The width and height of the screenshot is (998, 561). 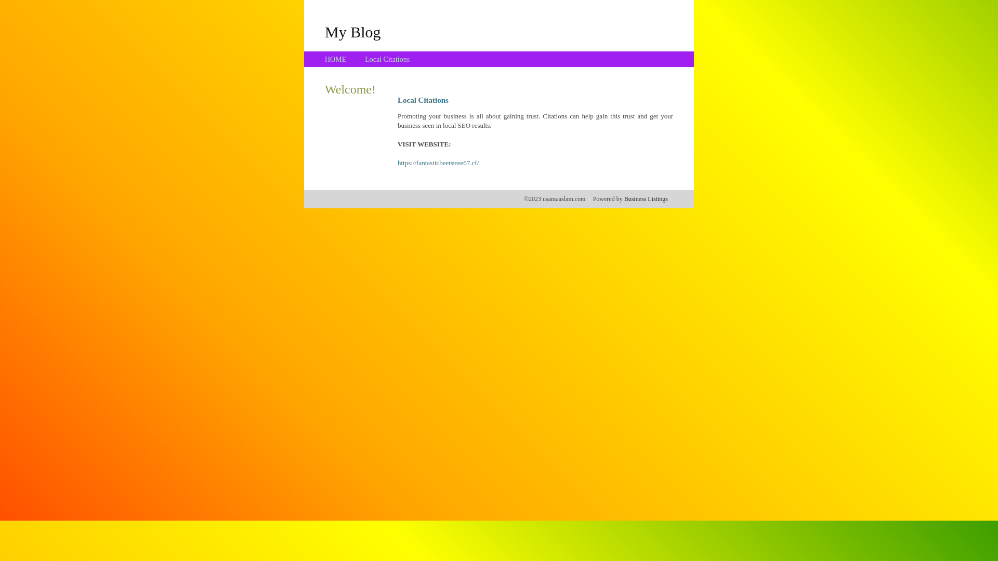 What do you see at coordinates (335, 59) in the screenshot?
I see `'HOME'` at bounding box center [335, 59].